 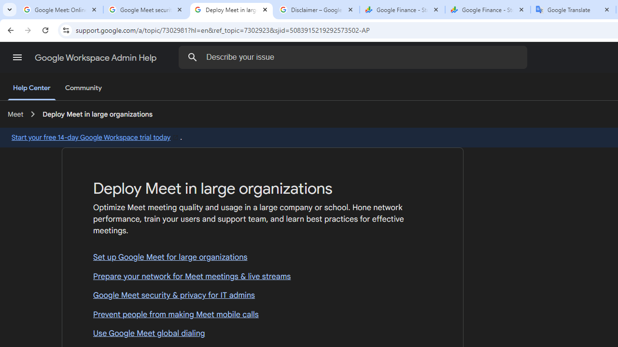 I want to click on 'Start your free 14-day Google Workspace trial today', so click(x=96, y=137).